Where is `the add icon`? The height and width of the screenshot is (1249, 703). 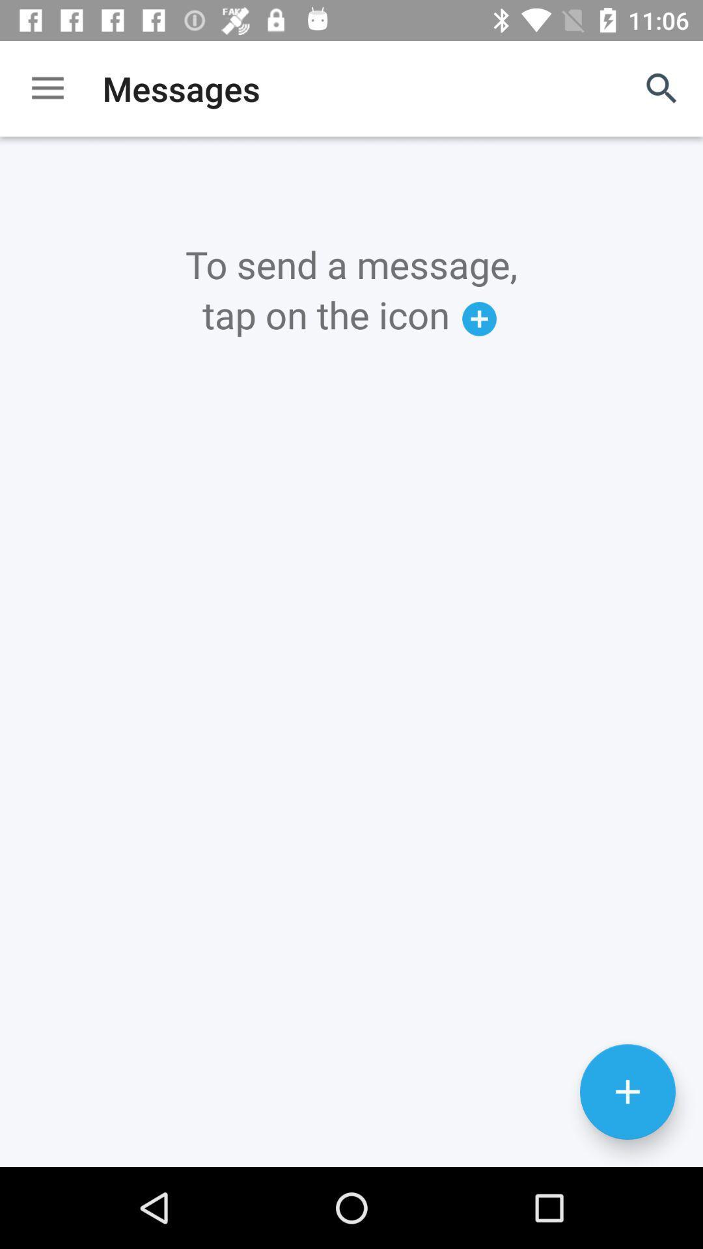
the add icon is located at coordinates (627, 1168).